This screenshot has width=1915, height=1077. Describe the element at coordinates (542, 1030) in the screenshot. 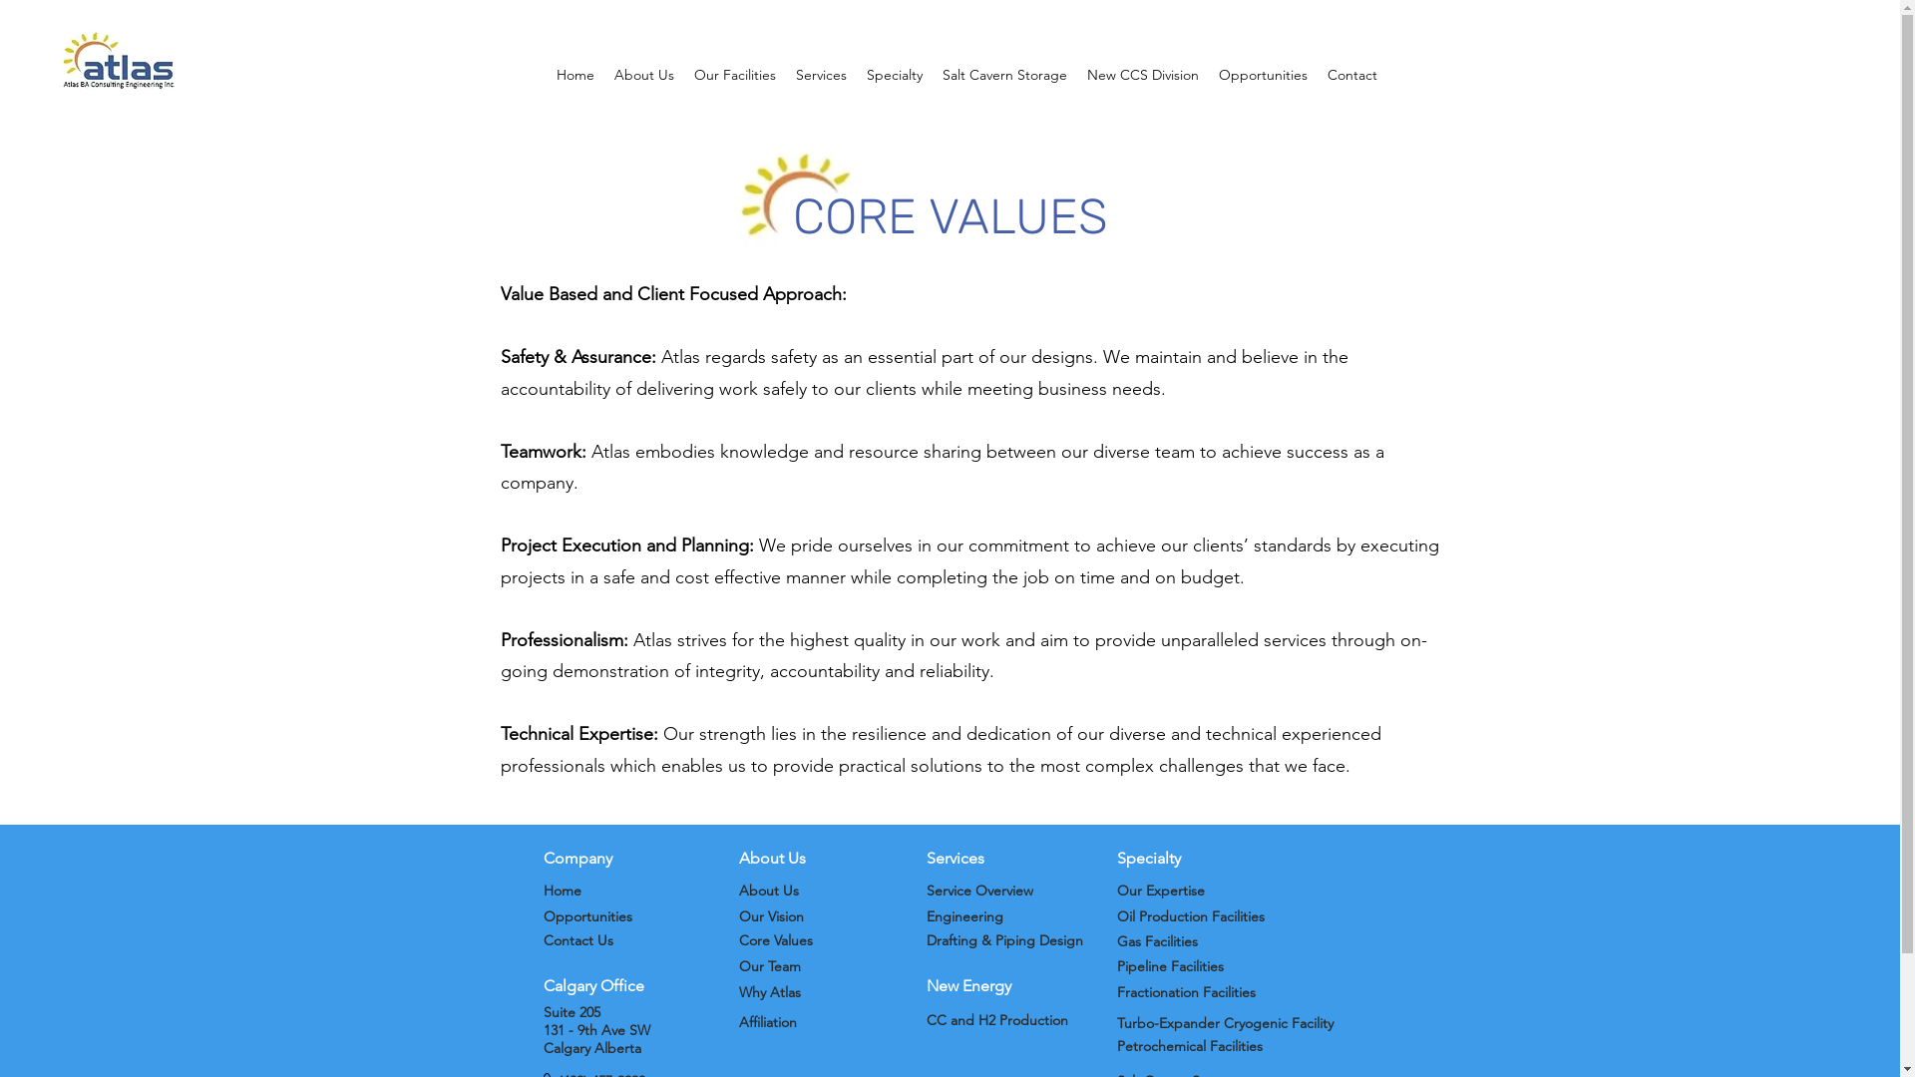

I see `'Suite 205` at that location.